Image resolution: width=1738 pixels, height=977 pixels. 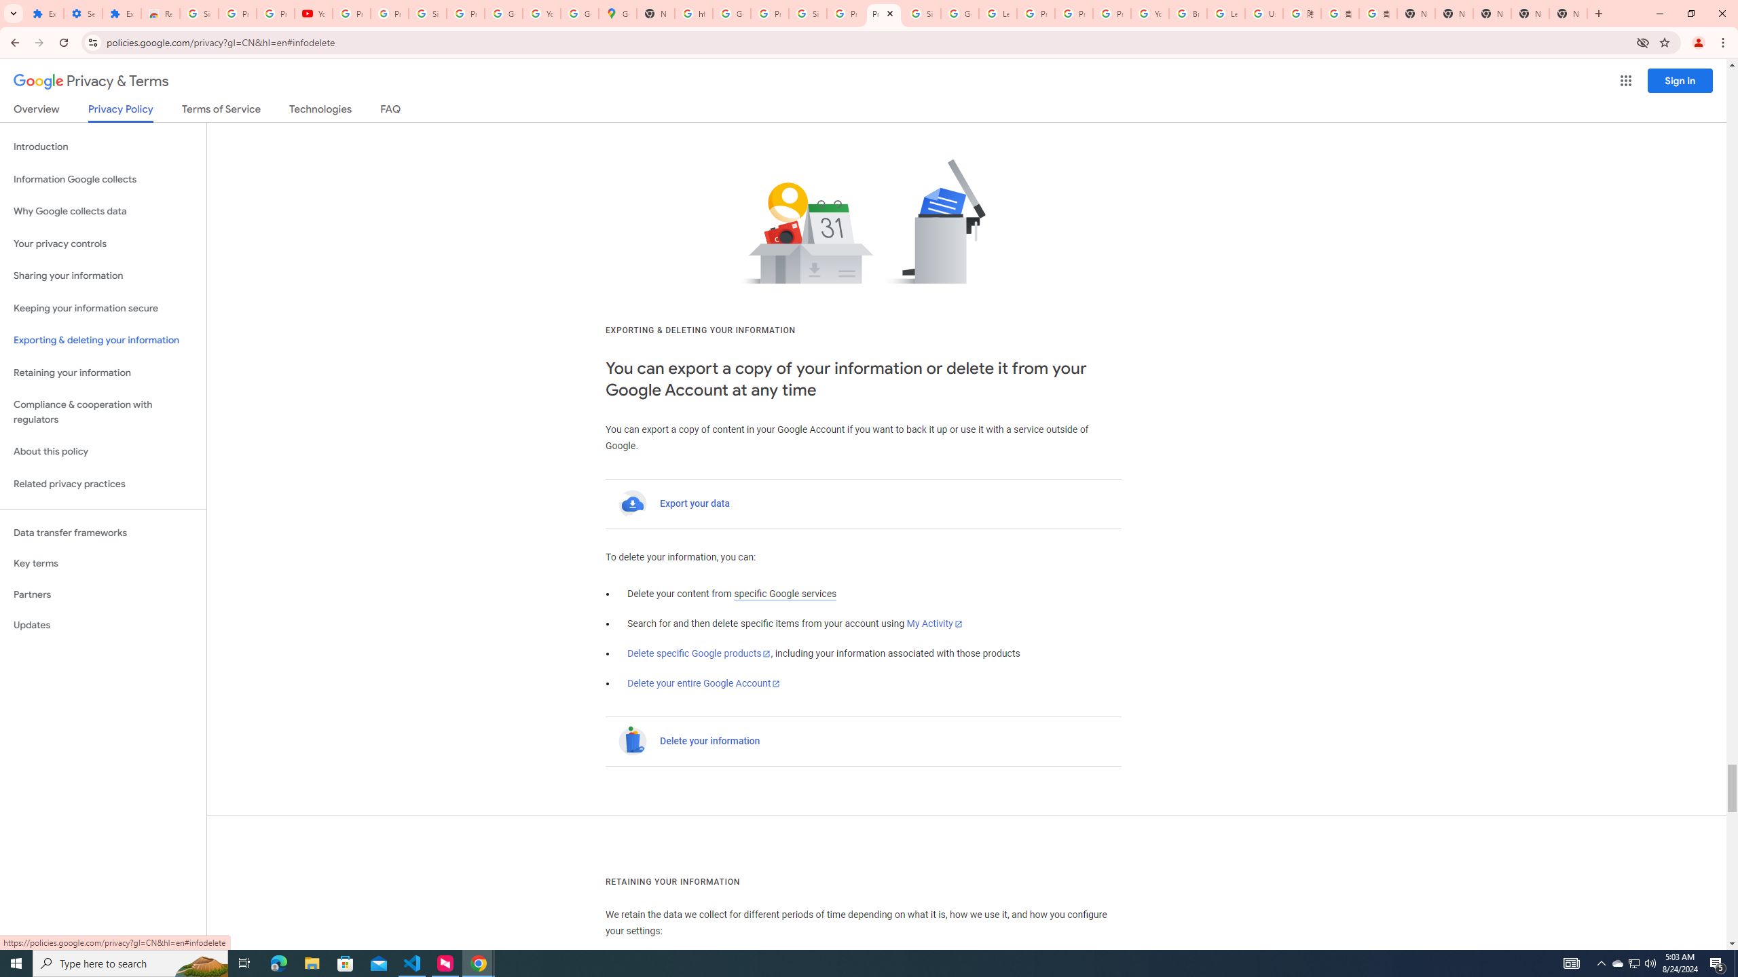 What do you see at coordinates (122, 13) in the screenshot?
I see `'Extensions'` at bounding box center [122, 13].